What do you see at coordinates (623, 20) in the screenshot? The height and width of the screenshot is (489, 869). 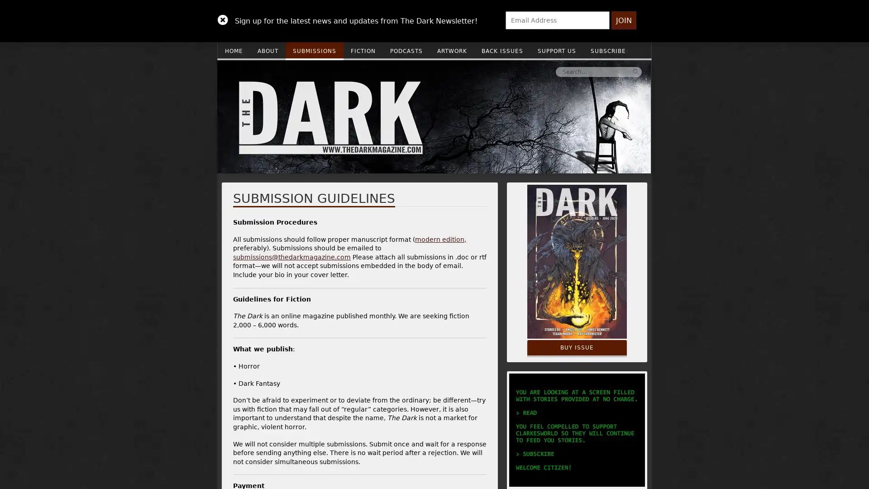 I see `Join` at bounding box center [623, 20].